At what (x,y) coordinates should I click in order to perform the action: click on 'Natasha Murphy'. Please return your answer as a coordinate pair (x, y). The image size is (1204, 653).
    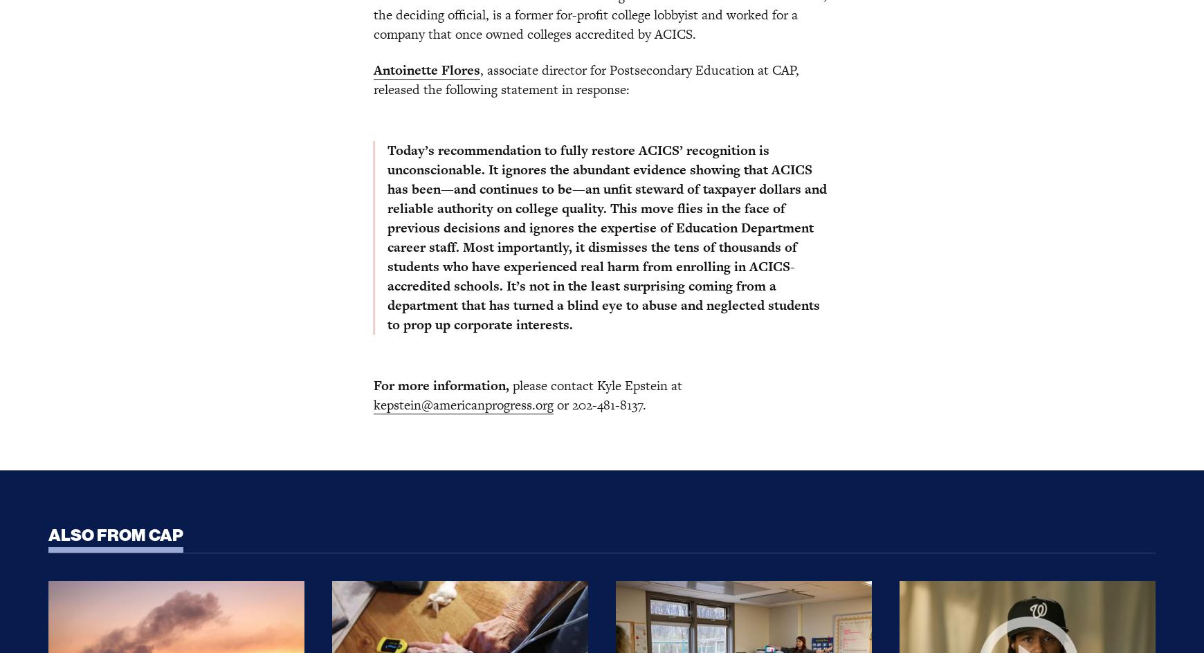
    Looking at the image, I should click on (363, 280).